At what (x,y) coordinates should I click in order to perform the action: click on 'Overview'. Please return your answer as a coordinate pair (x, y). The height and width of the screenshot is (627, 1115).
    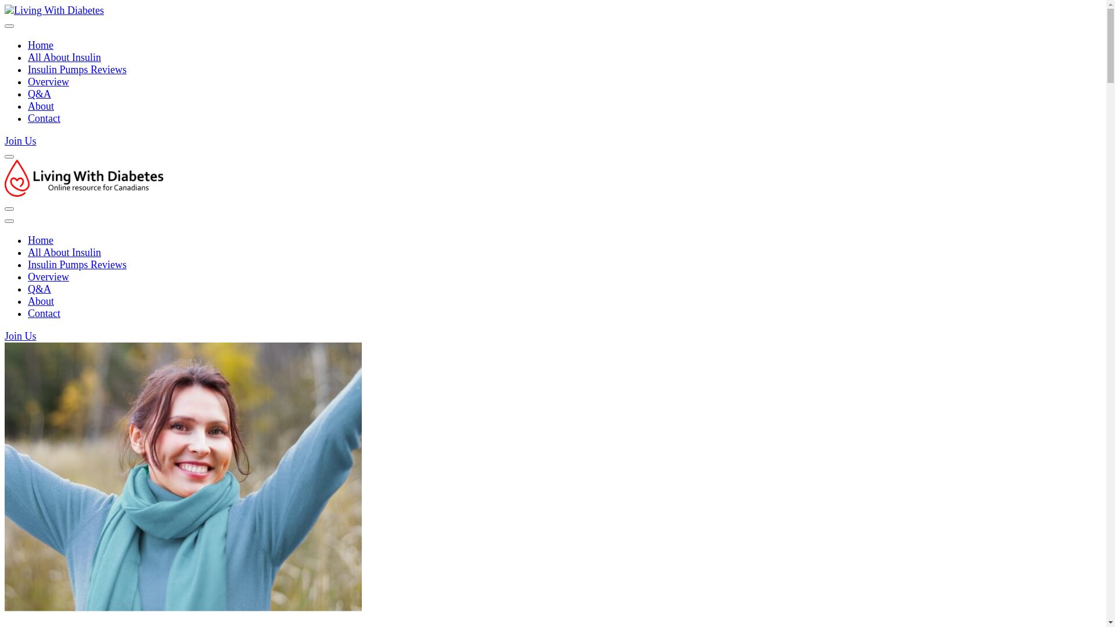
    Looking at the image, I should click on (48, 277).